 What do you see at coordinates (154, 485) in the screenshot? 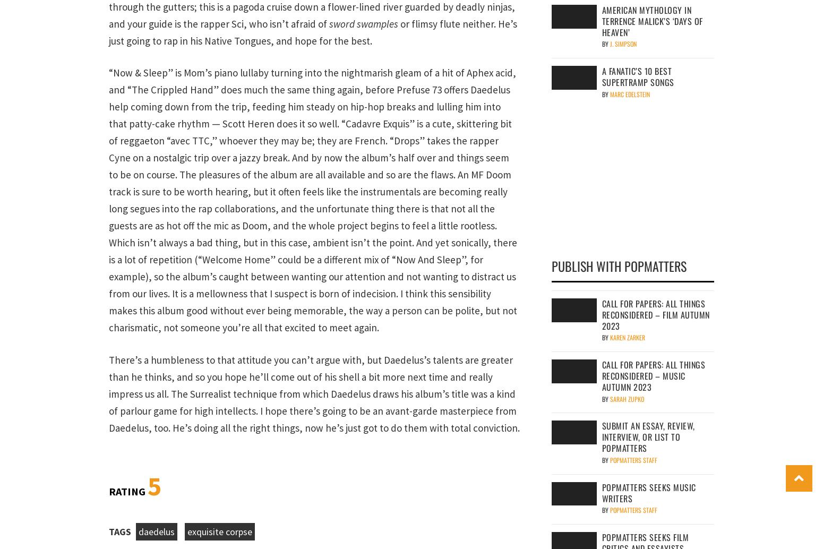
I see `'5'` at bounding box center [154, 485].